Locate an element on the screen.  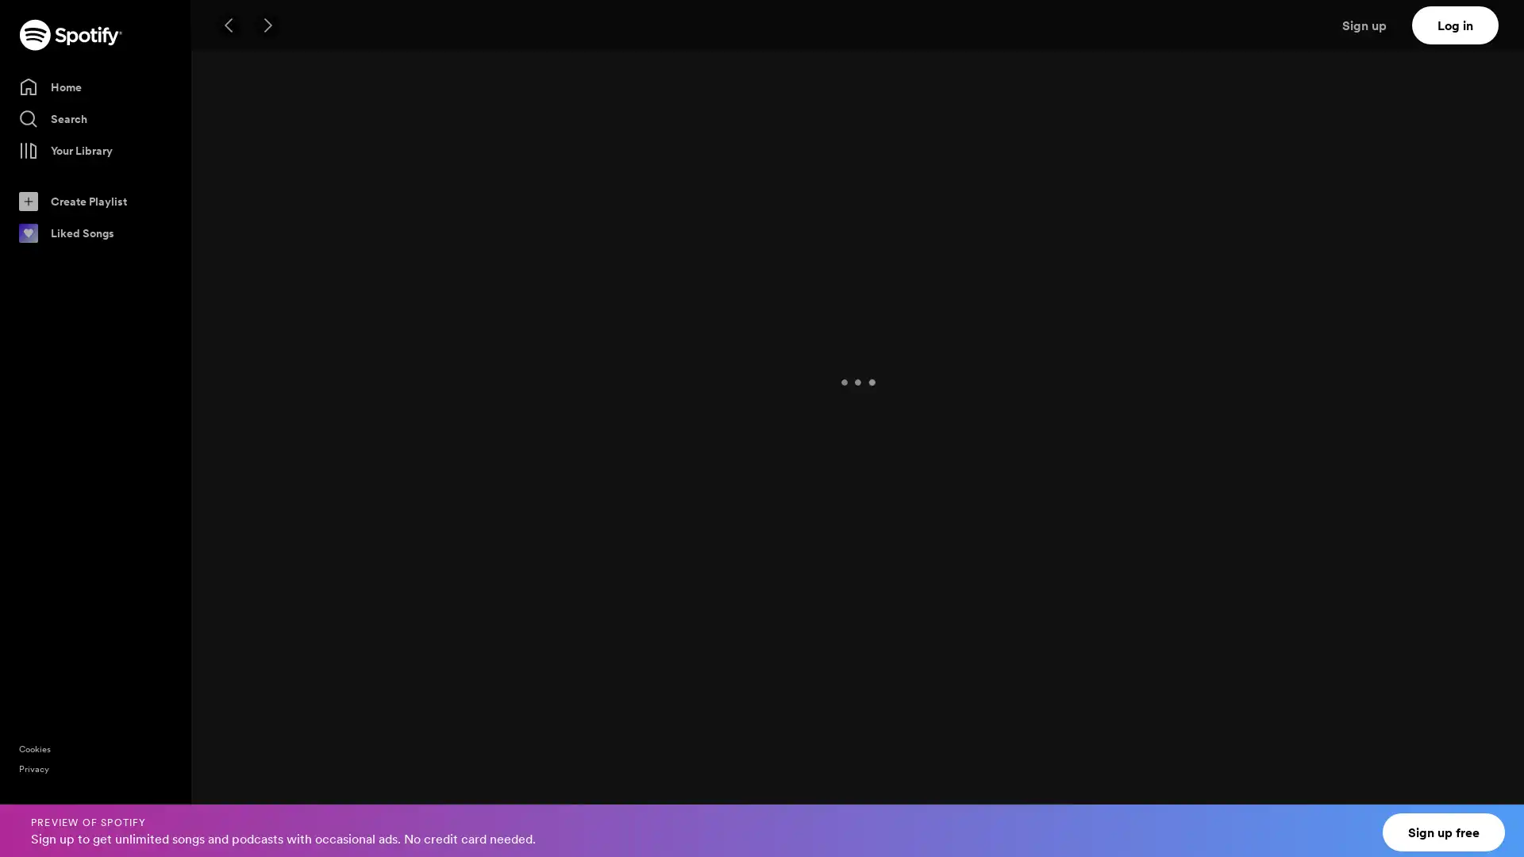
Play asdfasdf is located at coordinates (1298, 482).